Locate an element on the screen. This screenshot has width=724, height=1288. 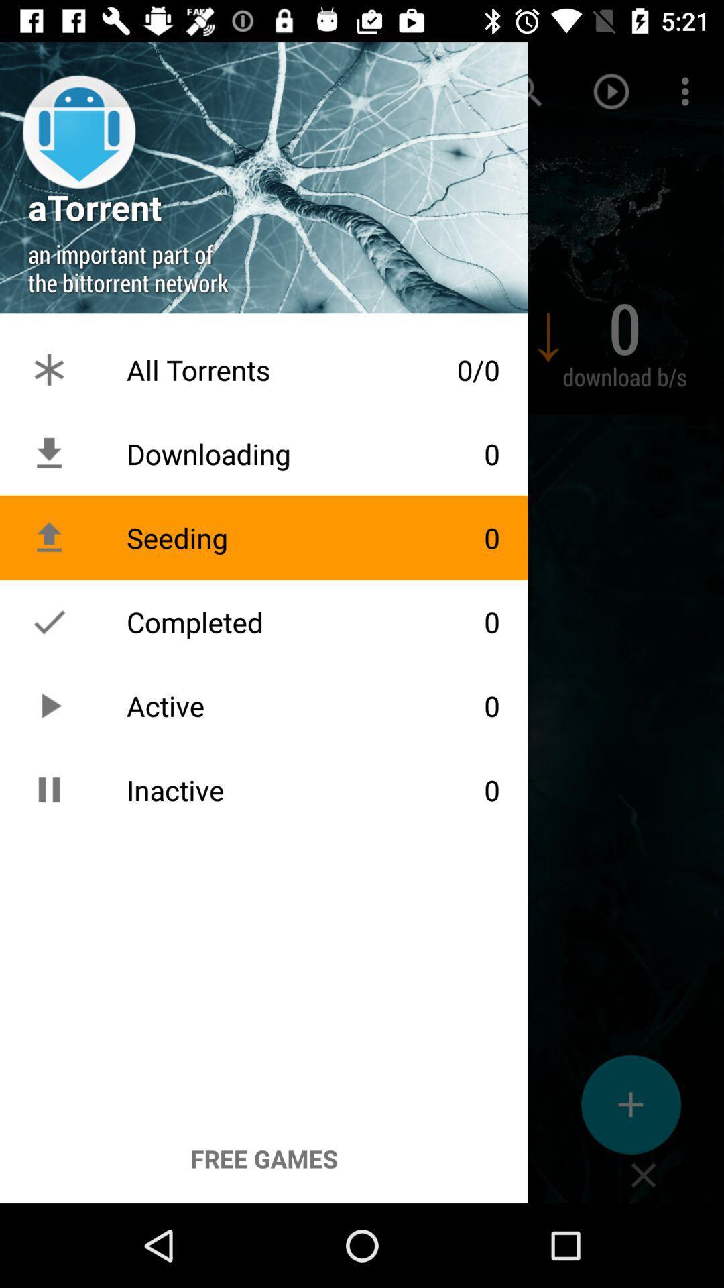
the more options icon on the top right of the page is located at coordinates (688, 91).